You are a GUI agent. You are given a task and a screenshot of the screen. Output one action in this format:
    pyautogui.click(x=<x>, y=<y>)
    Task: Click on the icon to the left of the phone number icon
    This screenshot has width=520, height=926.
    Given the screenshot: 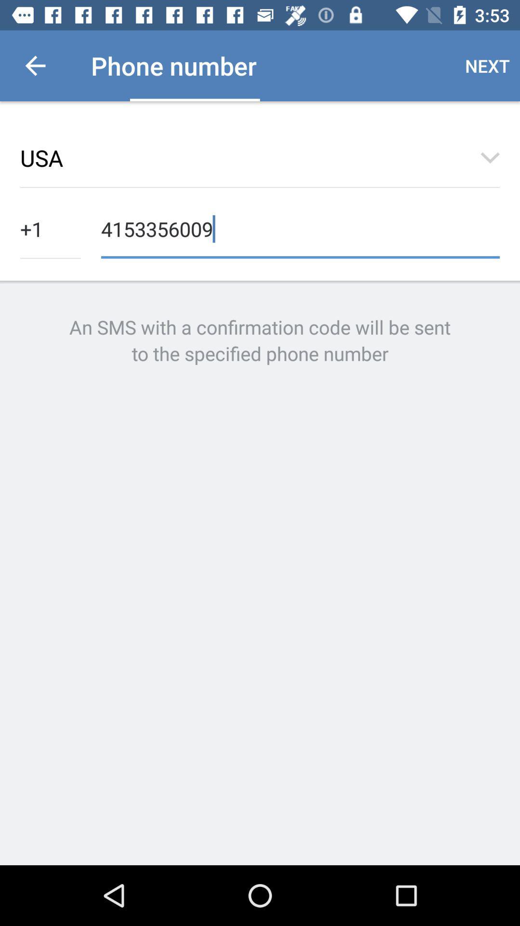 What is the action you would take?
    pyautogui.click(x=35, y=65)
    